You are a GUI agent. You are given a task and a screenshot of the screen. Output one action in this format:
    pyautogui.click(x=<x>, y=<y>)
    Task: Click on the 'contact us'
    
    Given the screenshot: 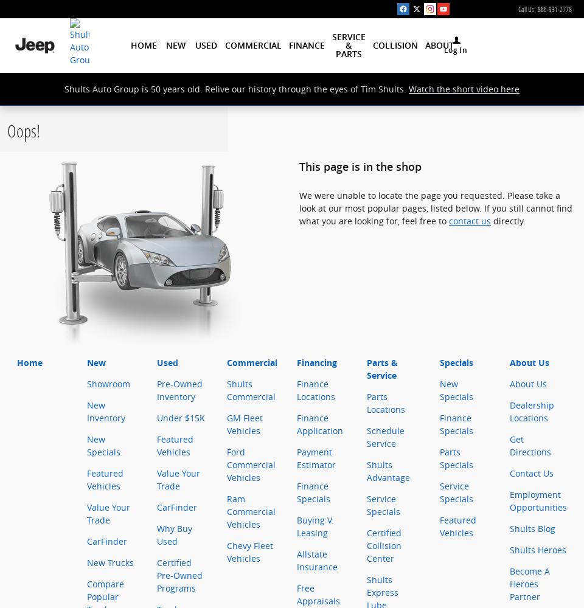 What is the action you would take?
    pyautogui.click(x=469, y=219)
    